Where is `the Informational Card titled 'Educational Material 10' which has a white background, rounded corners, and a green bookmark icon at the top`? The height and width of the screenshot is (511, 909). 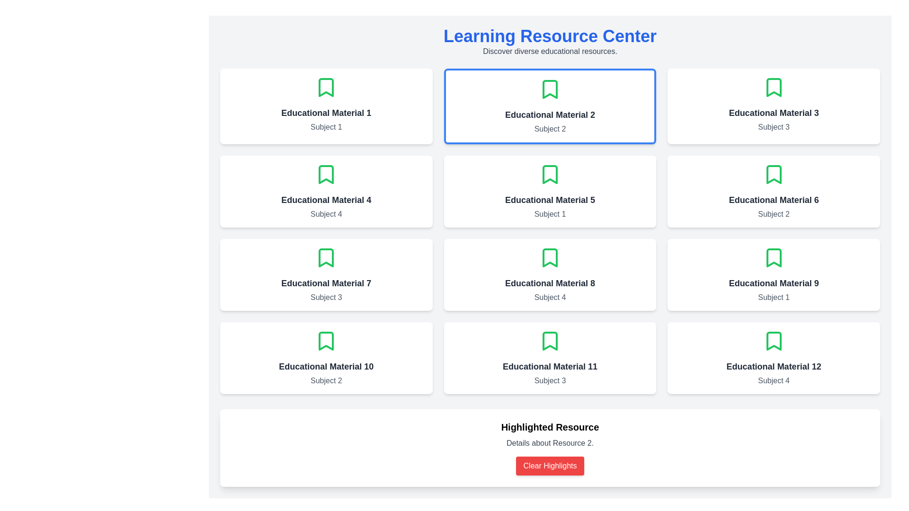
the Informational Card titled 'Educational Material 10' which has a white background, rounded corners, and a green bookmark icon at the top is located at coordinates (326, 358).